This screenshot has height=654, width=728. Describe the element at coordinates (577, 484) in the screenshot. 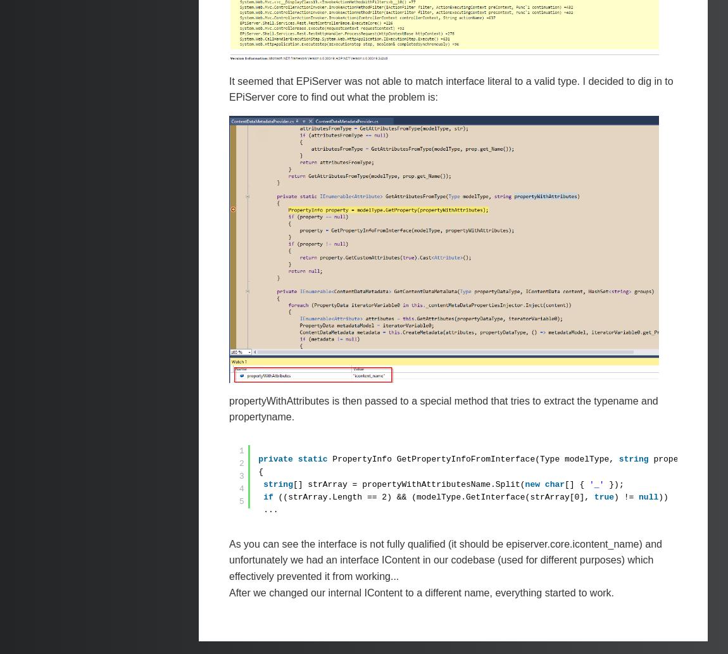

I see `'[] {'` at that location.